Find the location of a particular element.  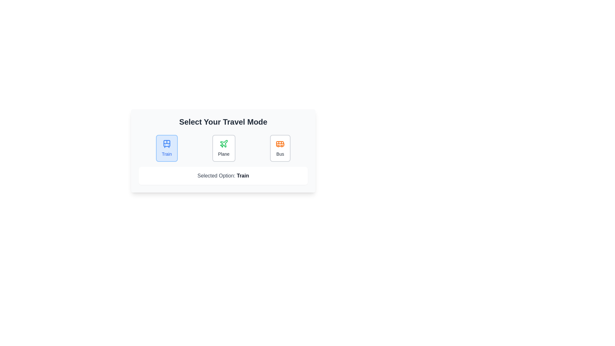

text displayed in the 'Bus' label element located in the 'Select Your Travel Mode' section, which is positioned beneath an orange bus icon is located at coordinates (280, 154).